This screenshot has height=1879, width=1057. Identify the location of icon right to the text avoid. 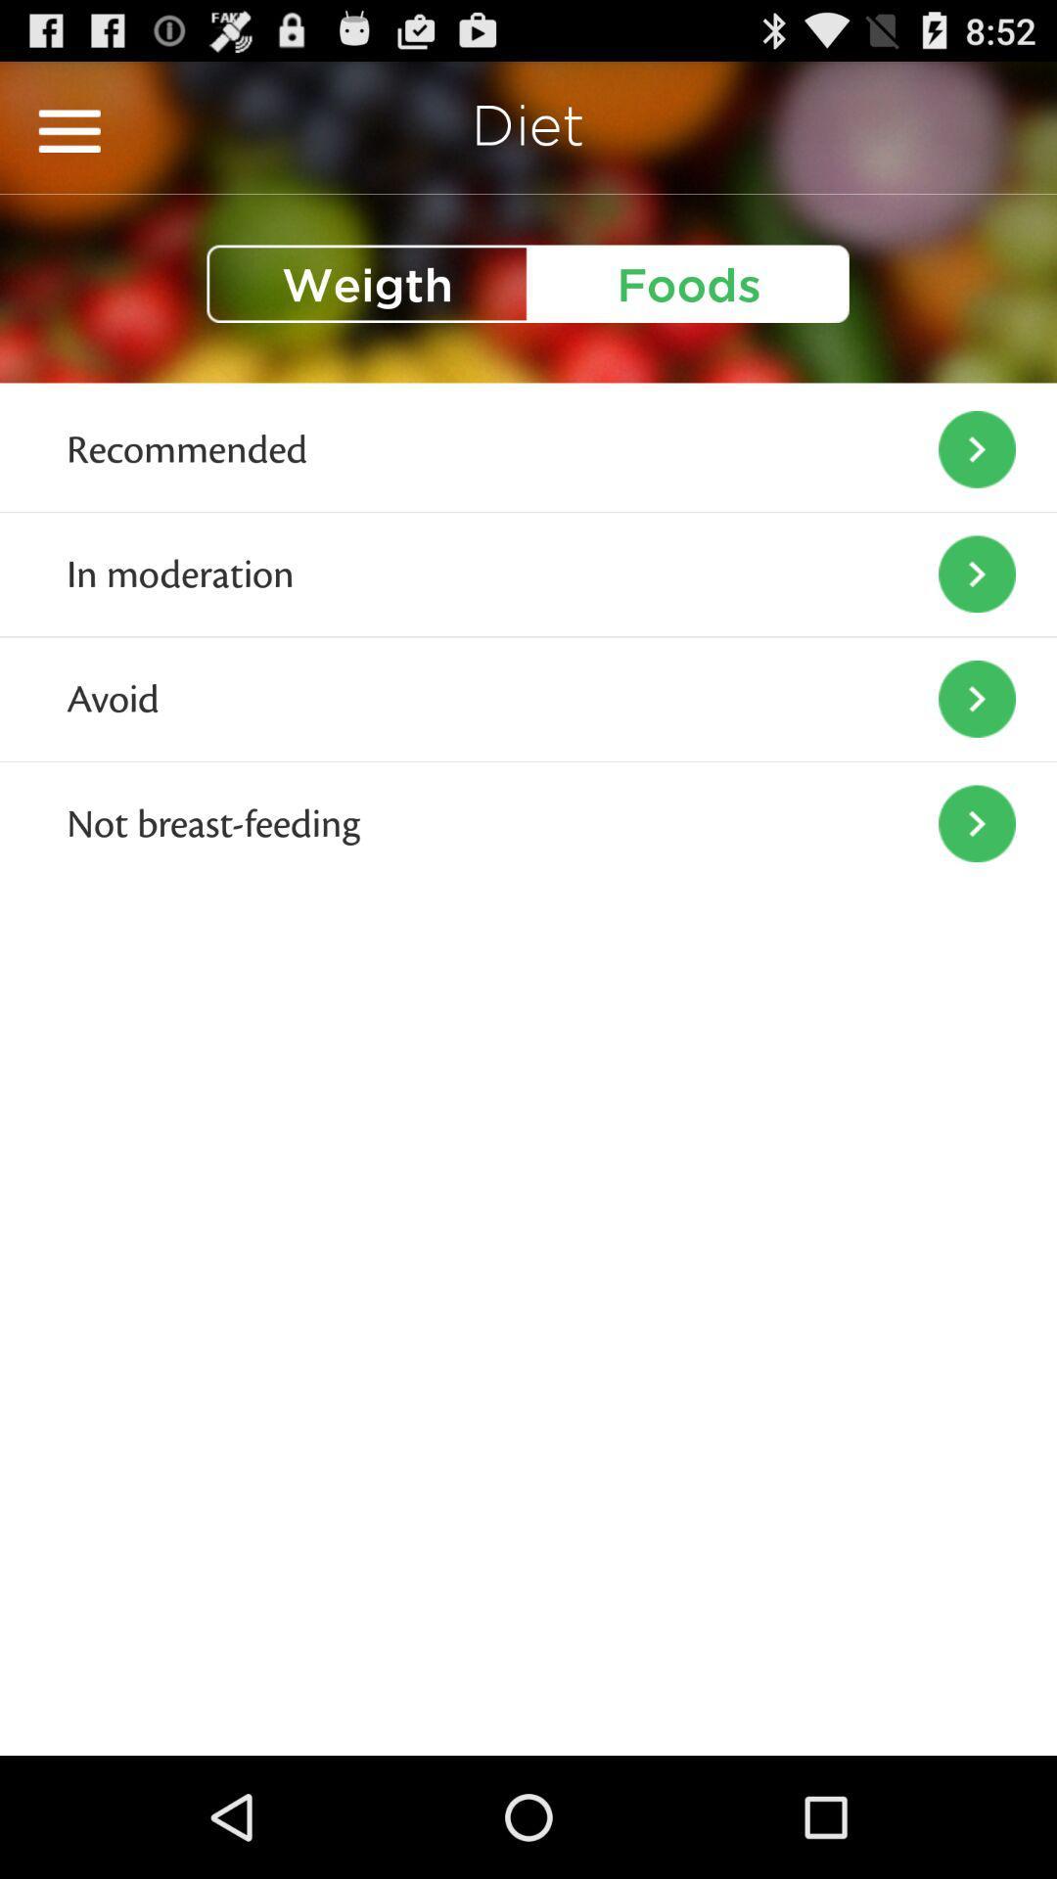
(977, 699).